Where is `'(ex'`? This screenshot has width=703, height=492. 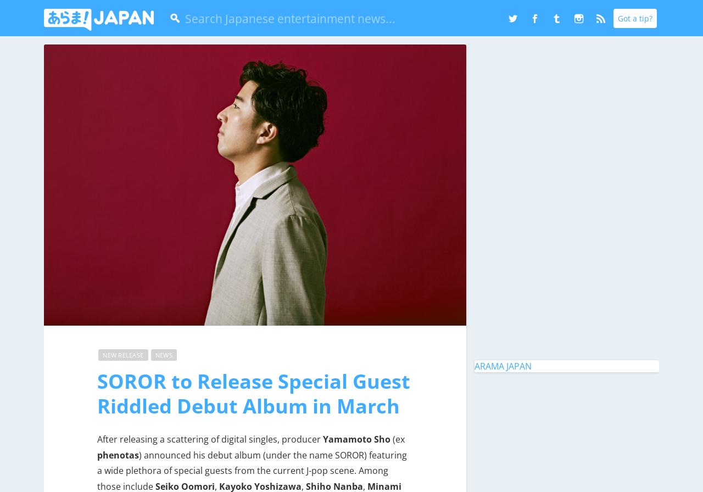
'(ex' is located at coordinates (390, 438).